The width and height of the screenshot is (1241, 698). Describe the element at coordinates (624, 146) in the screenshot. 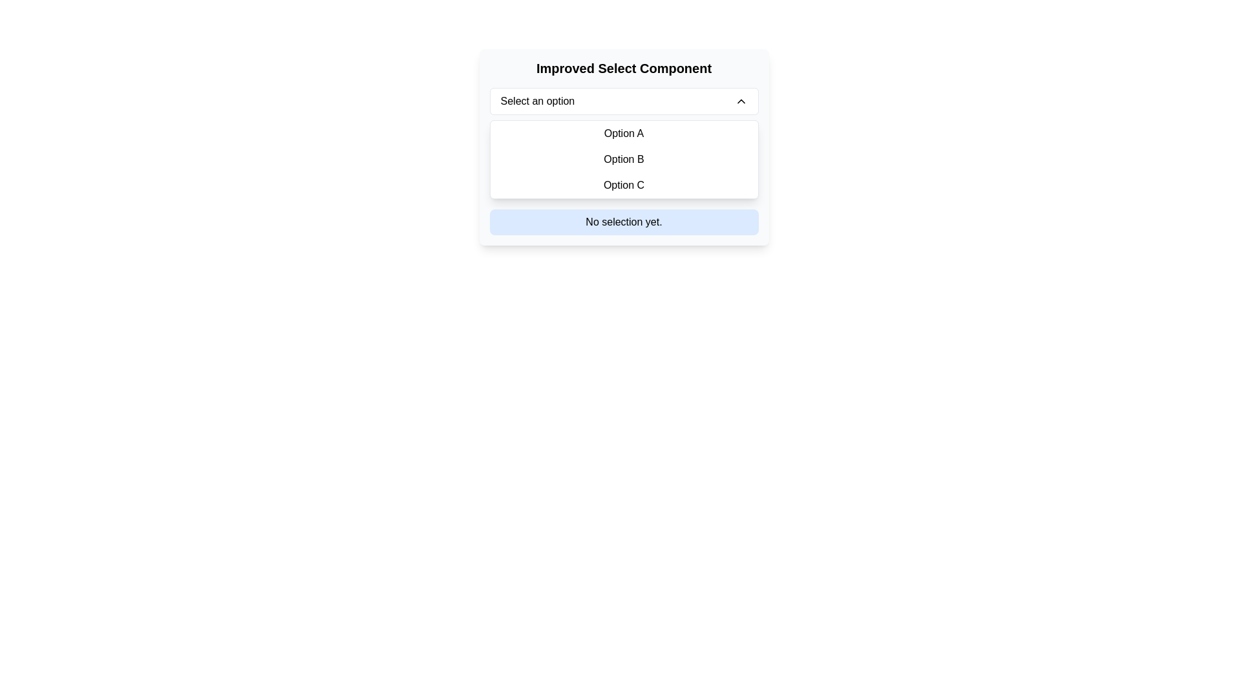

I see `the dropdown option labeled 'Option B'` at that location.